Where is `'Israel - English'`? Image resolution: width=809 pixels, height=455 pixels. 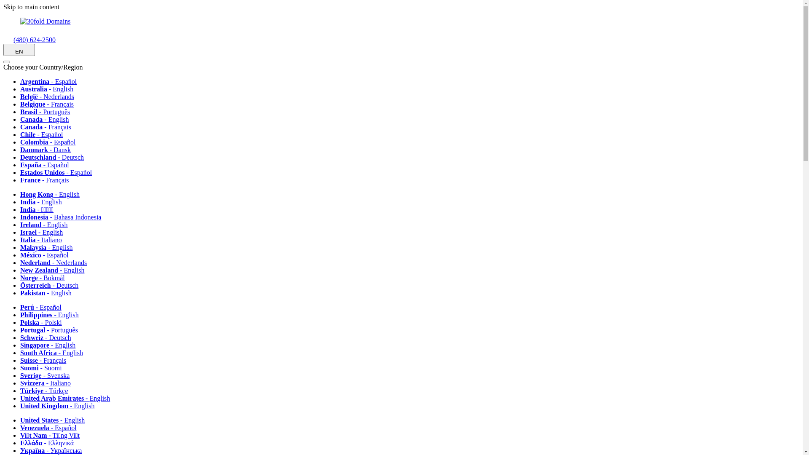
'Israel - English' is located at coordinates (44, 232).